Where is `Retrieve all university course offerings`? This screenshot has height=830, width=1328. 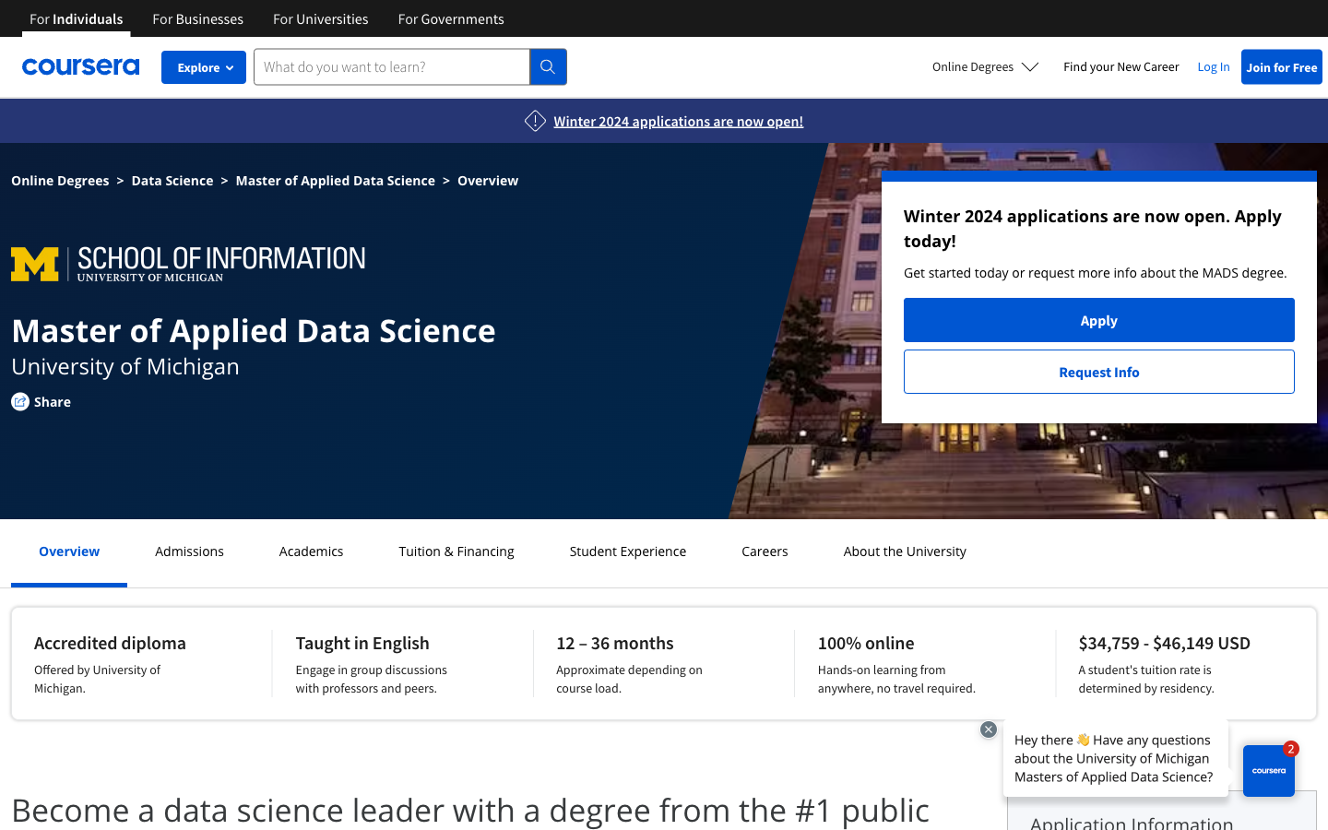 Retrieve all university course offerings is located at coordinates (320, 17).